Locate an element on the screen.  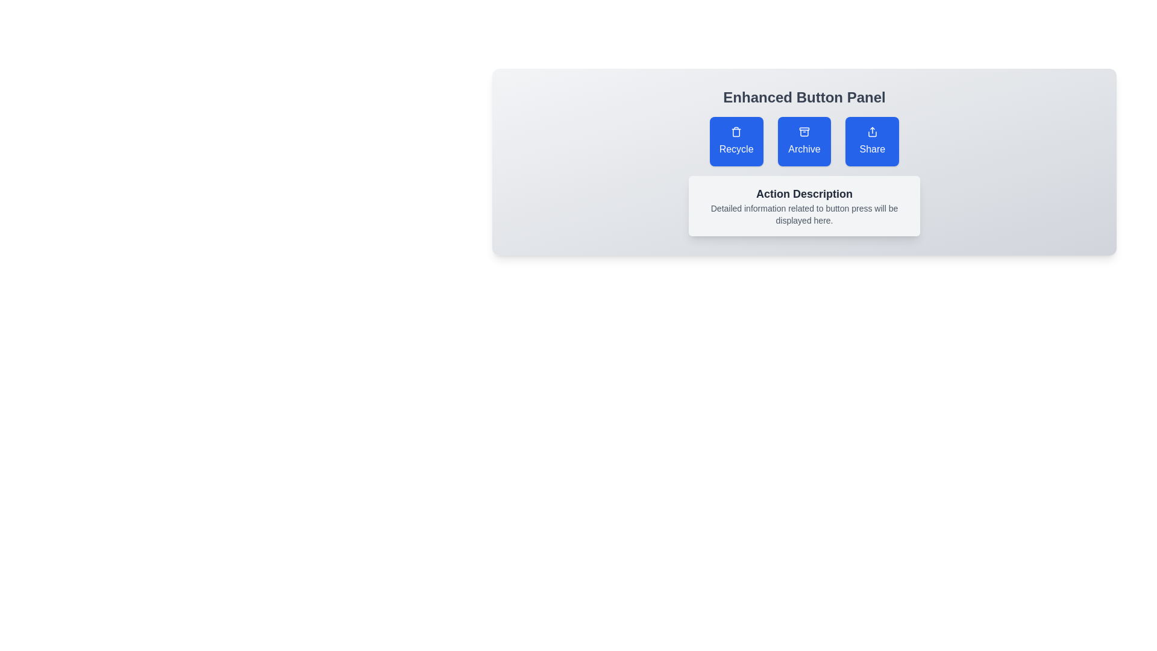
the archive button, which is the second button in a row of three, located between the 'Recycle' button and the 'Share' button is located at coordinates (804, 141).